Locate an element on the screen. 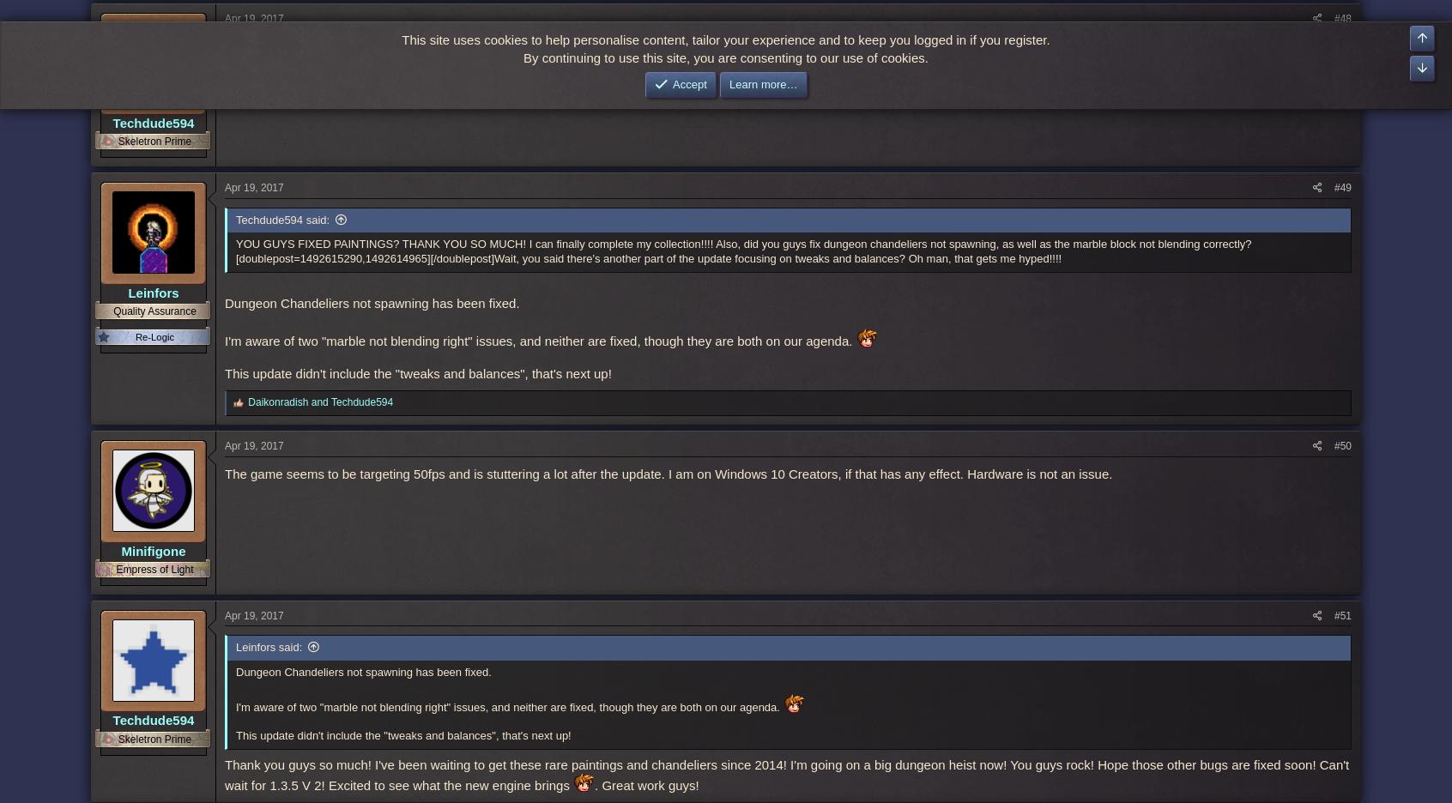  'Accept' is located at coordinates (689, 82).